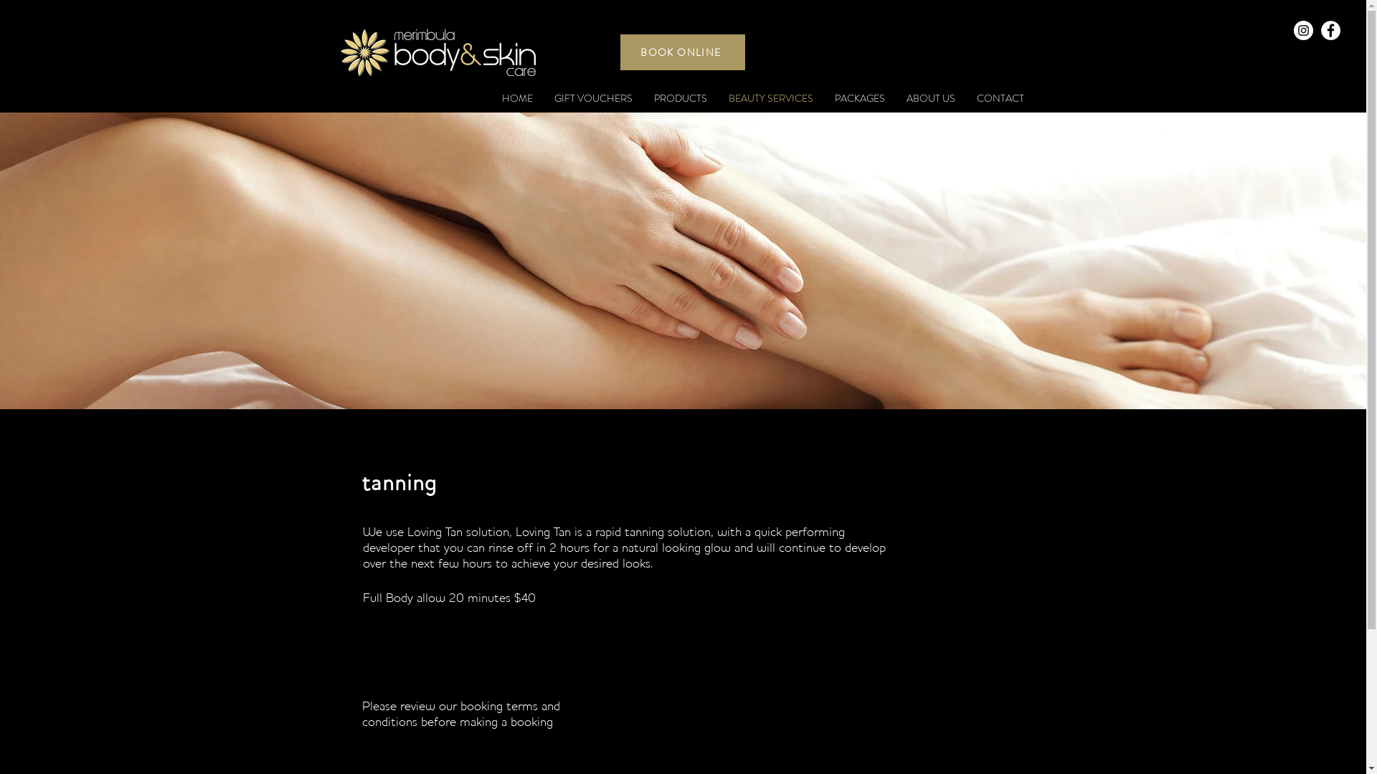  Describe the element at coordinates (516, 97) in the screenshot. I see `'HOME'` at that location.